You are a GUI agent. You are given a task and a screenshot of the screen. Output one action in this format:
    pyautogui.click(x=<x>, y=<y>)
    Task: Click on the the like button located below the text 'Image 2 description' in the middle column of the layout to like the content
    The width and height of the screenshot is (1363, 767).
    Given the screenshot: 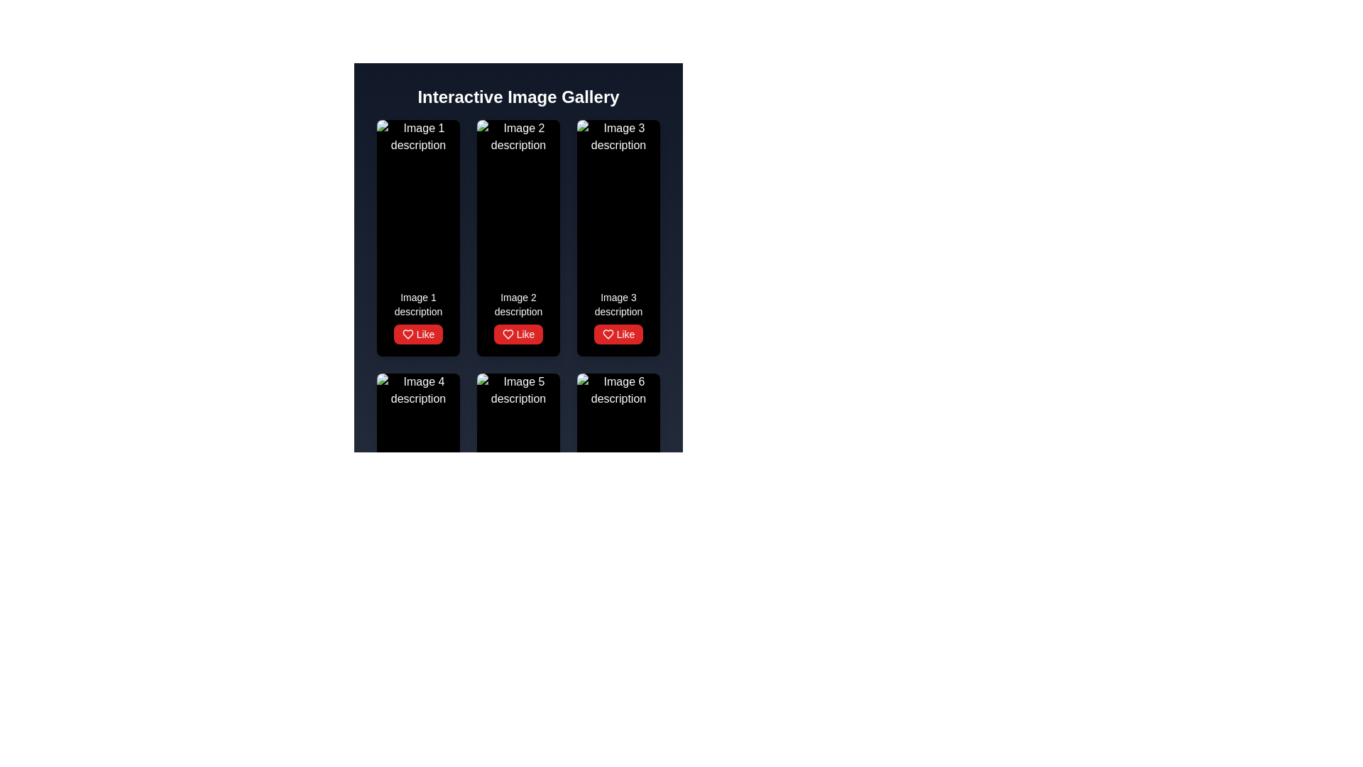 What is the action you would take?
    pyautogui.click(x=518, y=334)
    